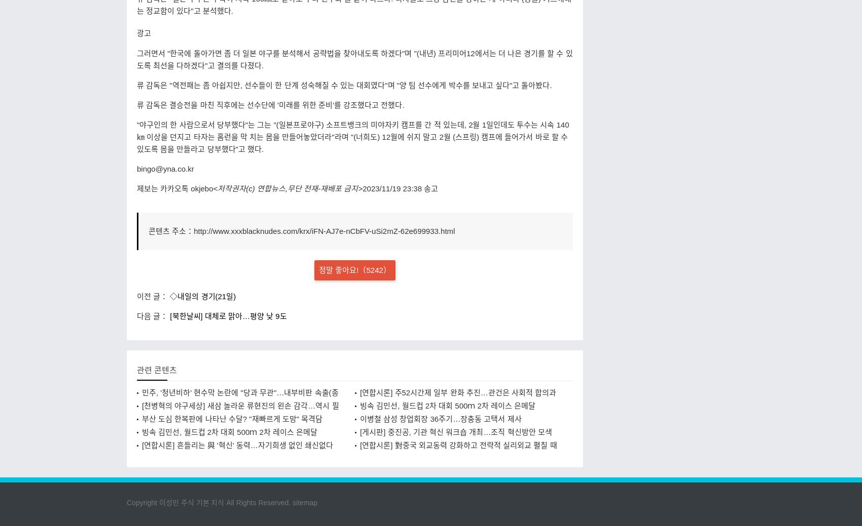  Describe the element at coordinates (304, 502) in the screenshot. I see `'sitemap'` at that location.